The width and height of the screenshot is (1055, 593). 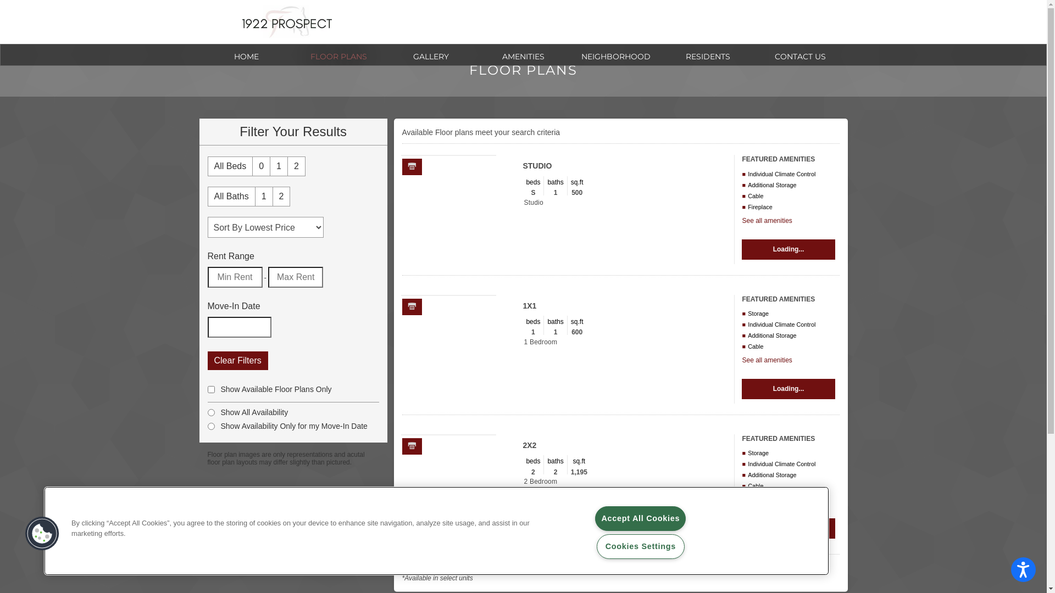 What do you see at coordinates (640, 518) in the screenshot?
I see `'Accept All Cookies'` at bounding box center [640, 518].